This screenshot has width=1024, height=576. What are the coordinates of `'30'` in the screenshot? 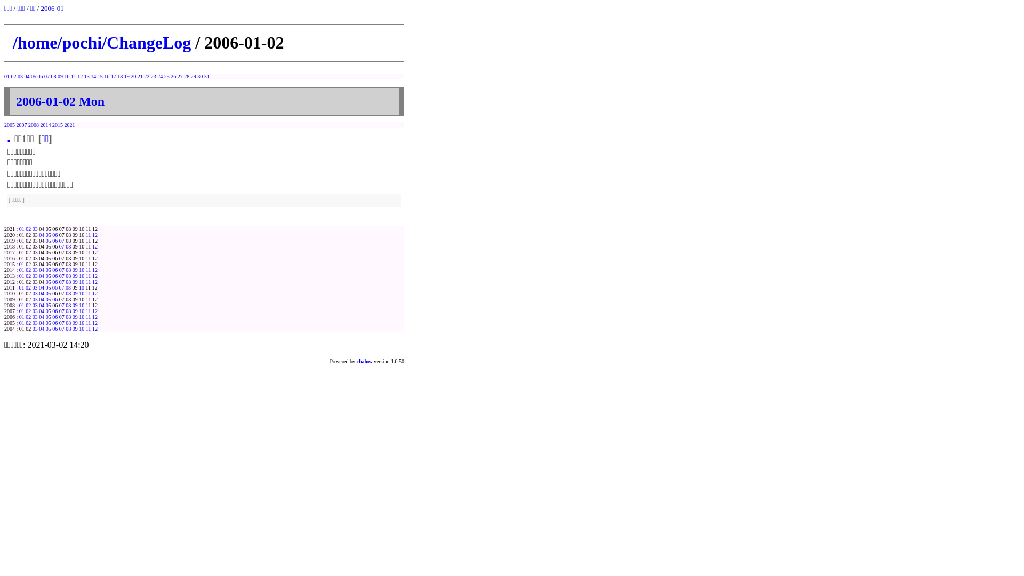 It's located at (199, 76).